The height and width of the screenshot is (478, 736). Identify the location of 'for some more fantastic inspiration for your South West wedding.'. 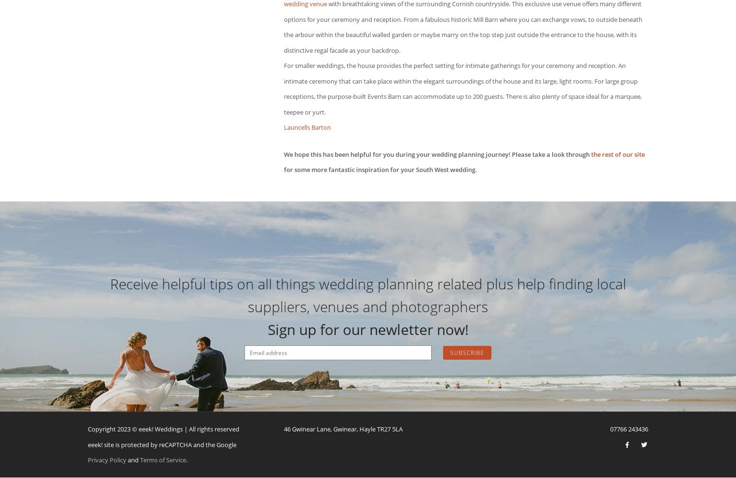
(380, 169).